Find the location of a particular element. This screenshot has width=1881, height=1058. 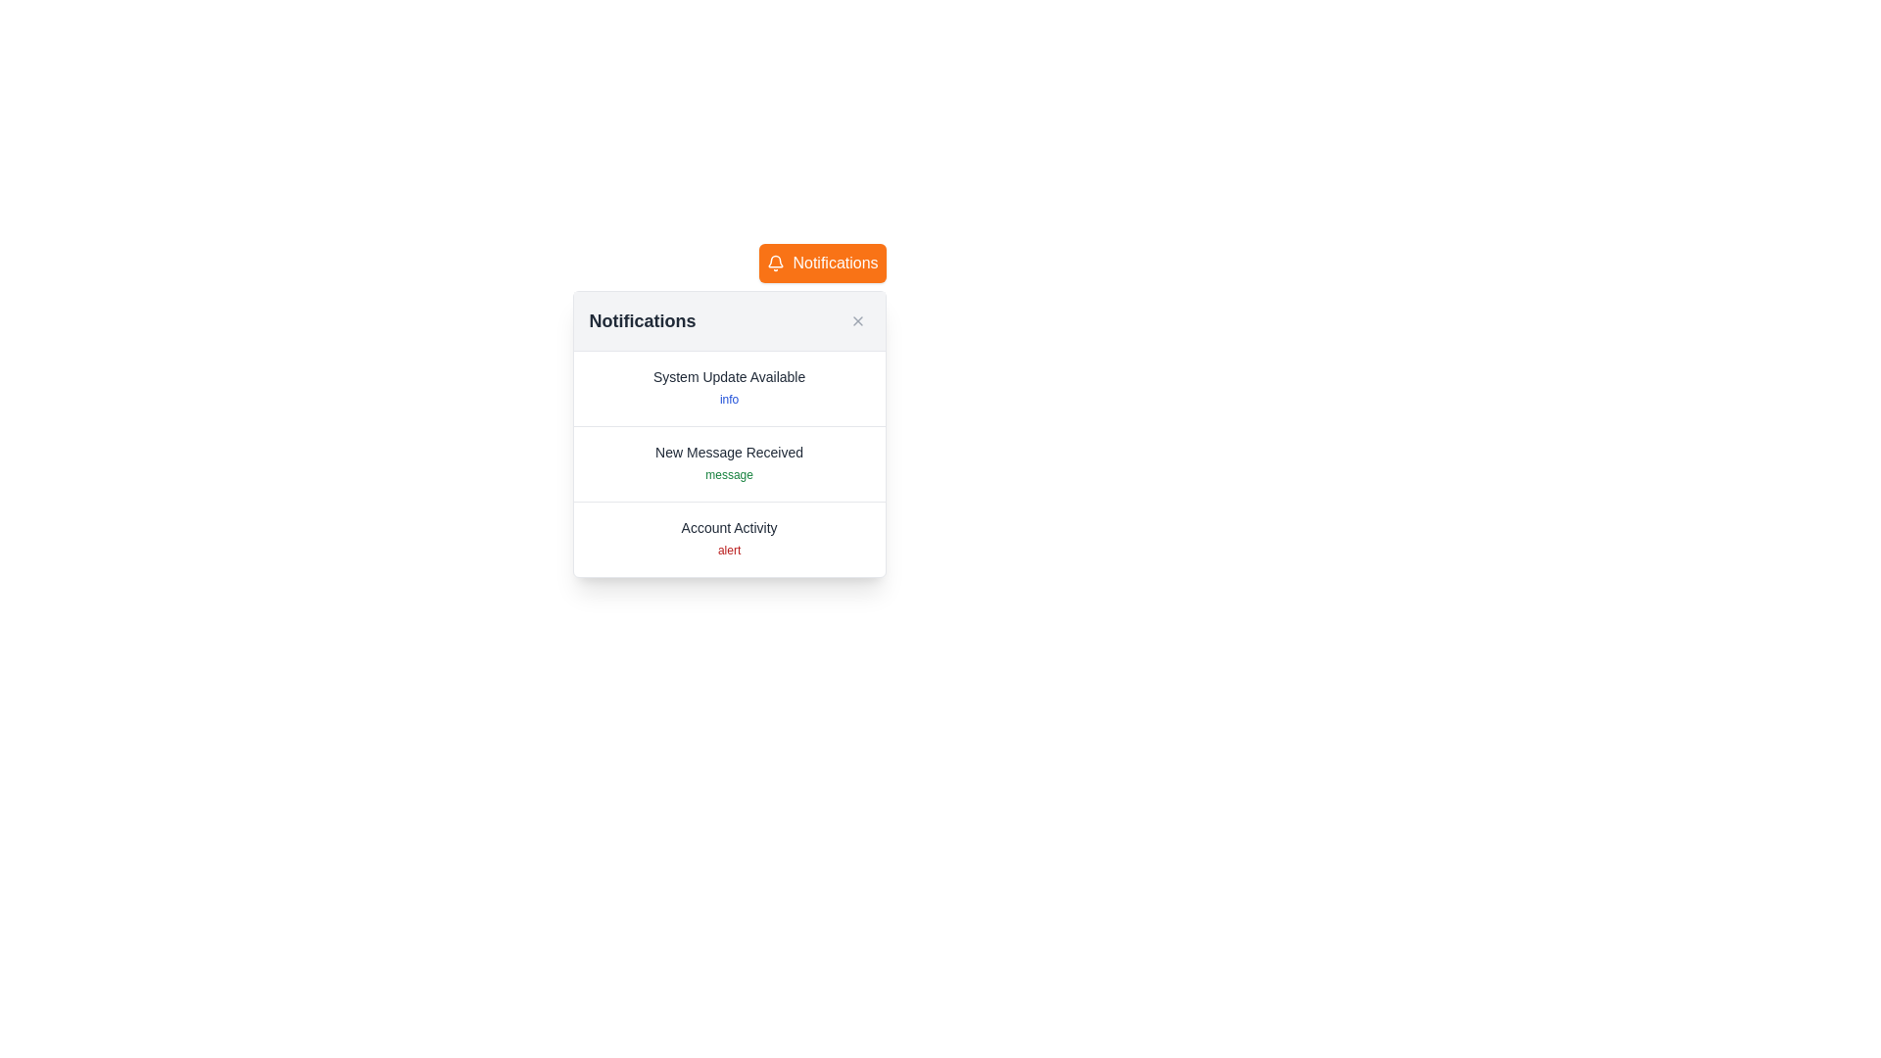

the close button located in the top-right corner of the notification panel is located at coordinates (857, 319).